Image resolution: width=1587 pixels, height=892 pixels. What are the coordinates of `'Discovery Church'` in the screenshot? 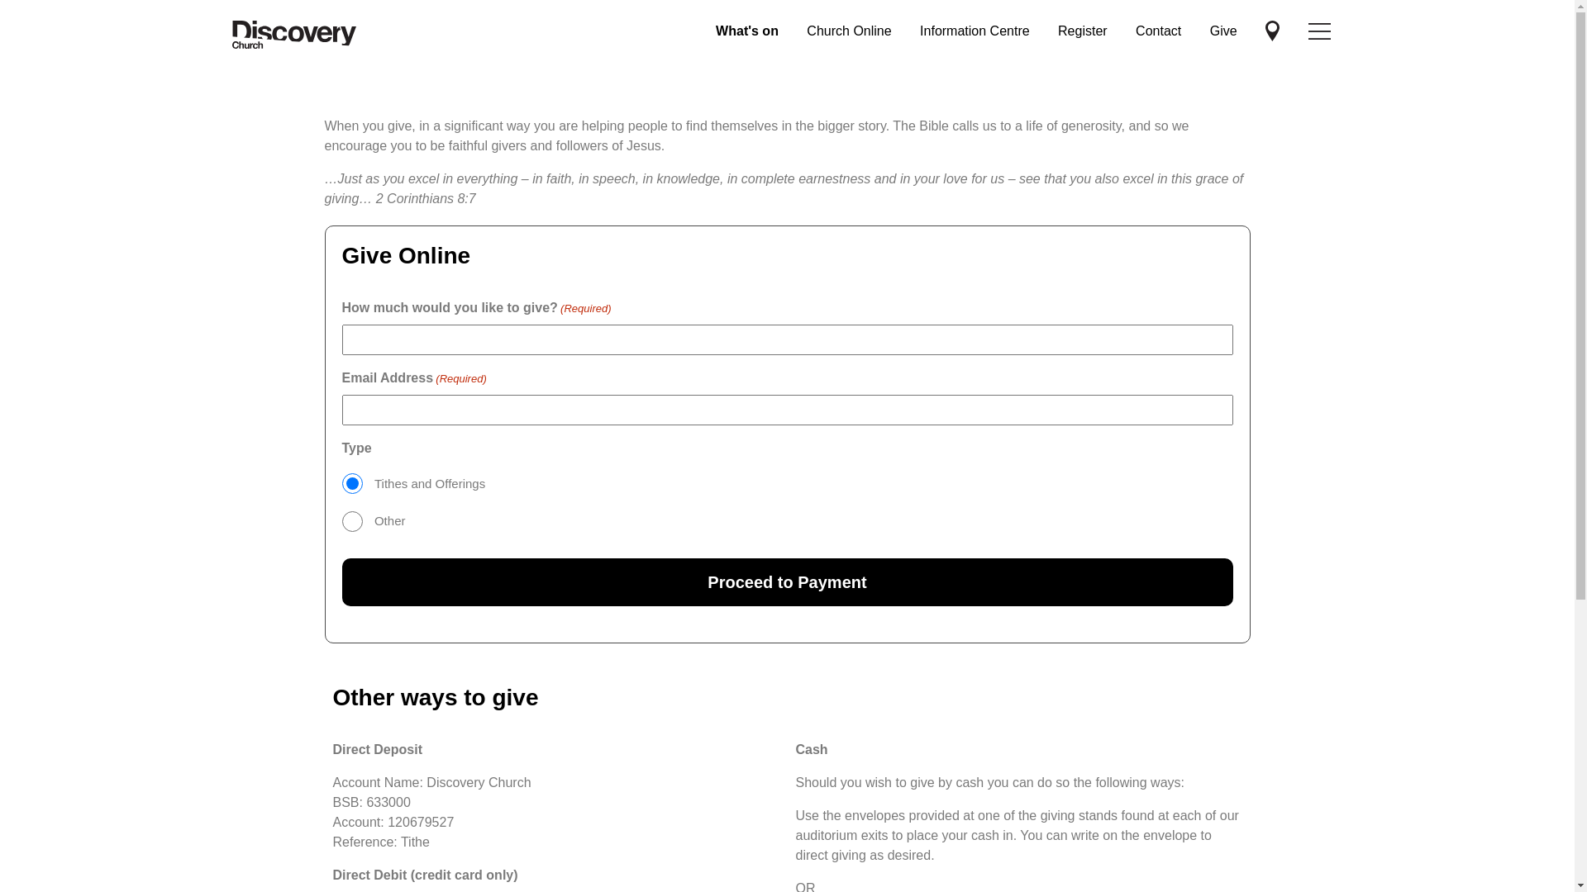 It's located at (230, 35).